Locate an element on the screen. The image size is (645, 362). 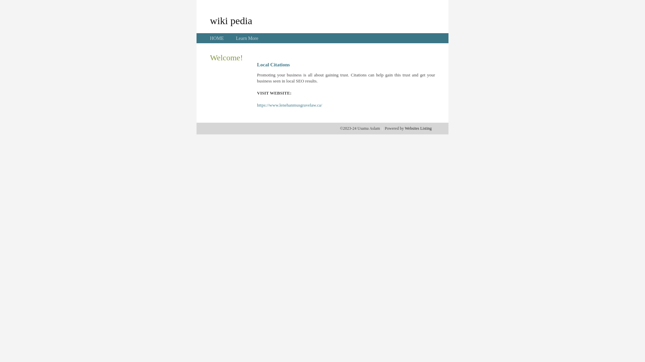
'HOME' is located at coordinates (209, 38).